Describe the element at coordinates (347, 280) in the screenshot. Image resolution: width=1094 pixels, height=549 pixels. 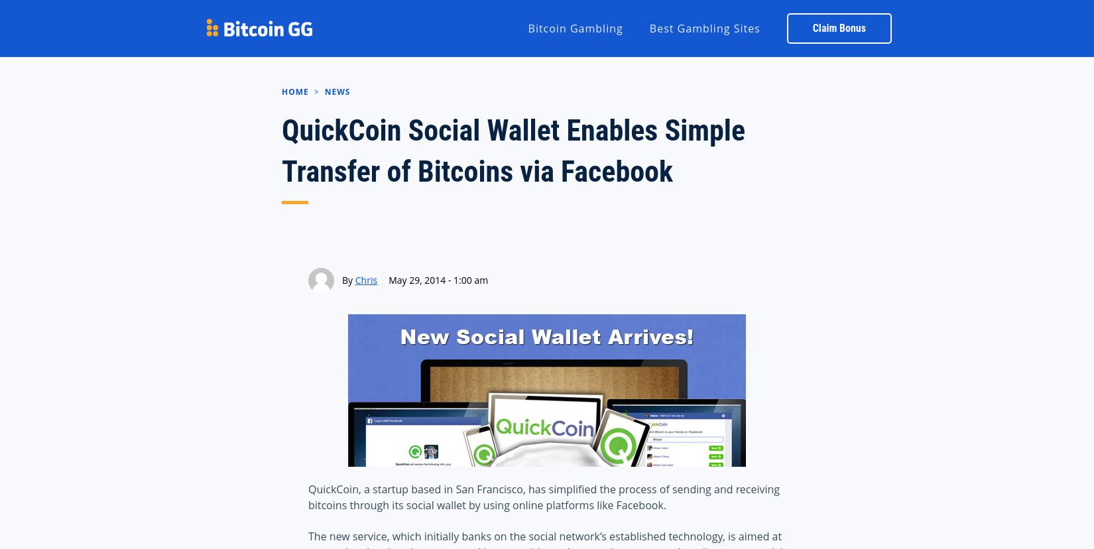
I see `'By'` at that location.